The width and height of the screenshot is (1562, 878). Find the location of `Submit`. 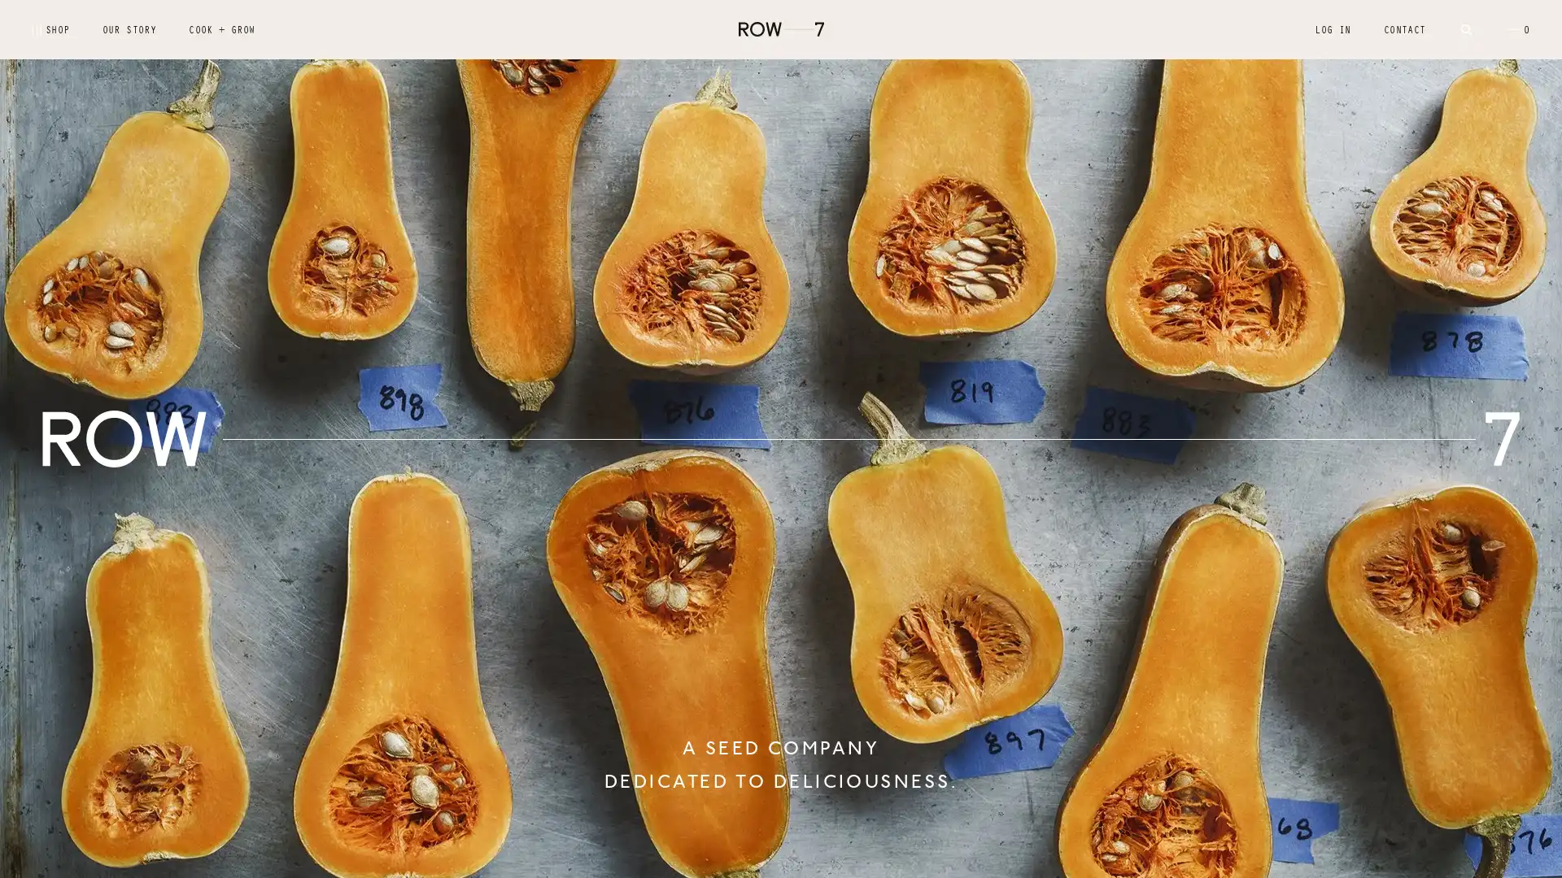

Submit is located at coordinates (34, 28).